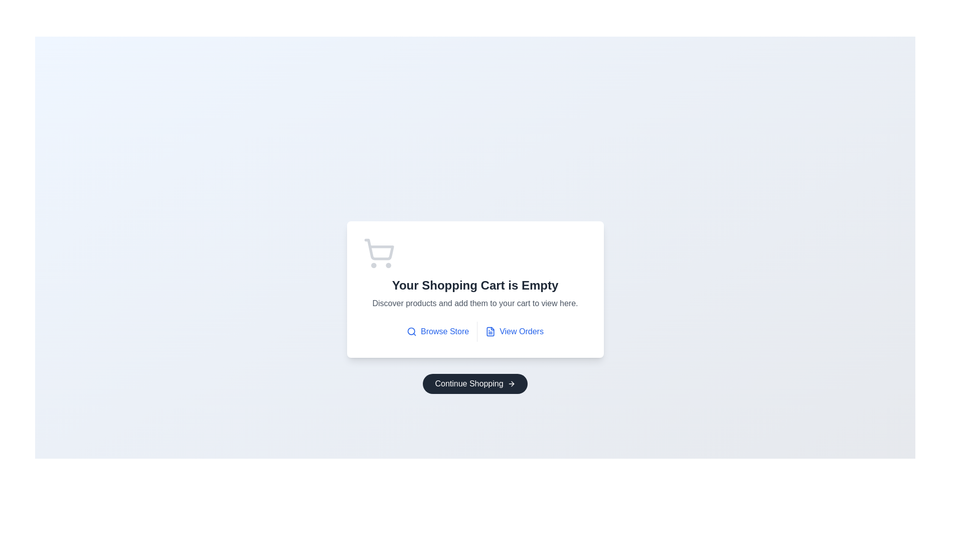 The height and width of the screenshot is (542, 963). I want to click on the 'Browse Store' button, which is a blue rectangular button located below the message 'Your Shopping Cart is Empty'. It is positioned to the left of the 'View Orders' button and features a search icon on the left, so click(438, 331).